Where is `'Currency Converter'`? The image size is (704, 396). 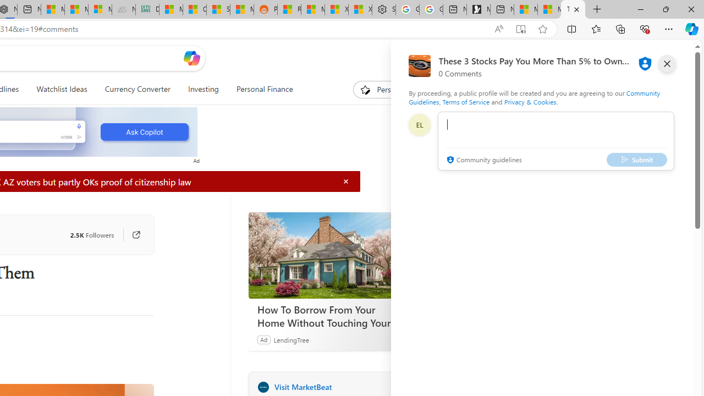
'Currency Converter' is located at coordinates (136, 89).